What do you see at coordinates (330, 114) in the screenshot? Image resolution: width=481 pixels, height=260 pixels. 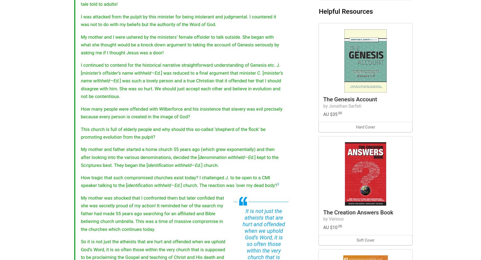 I see `'AU $35'` at bounding box center [330, 114].